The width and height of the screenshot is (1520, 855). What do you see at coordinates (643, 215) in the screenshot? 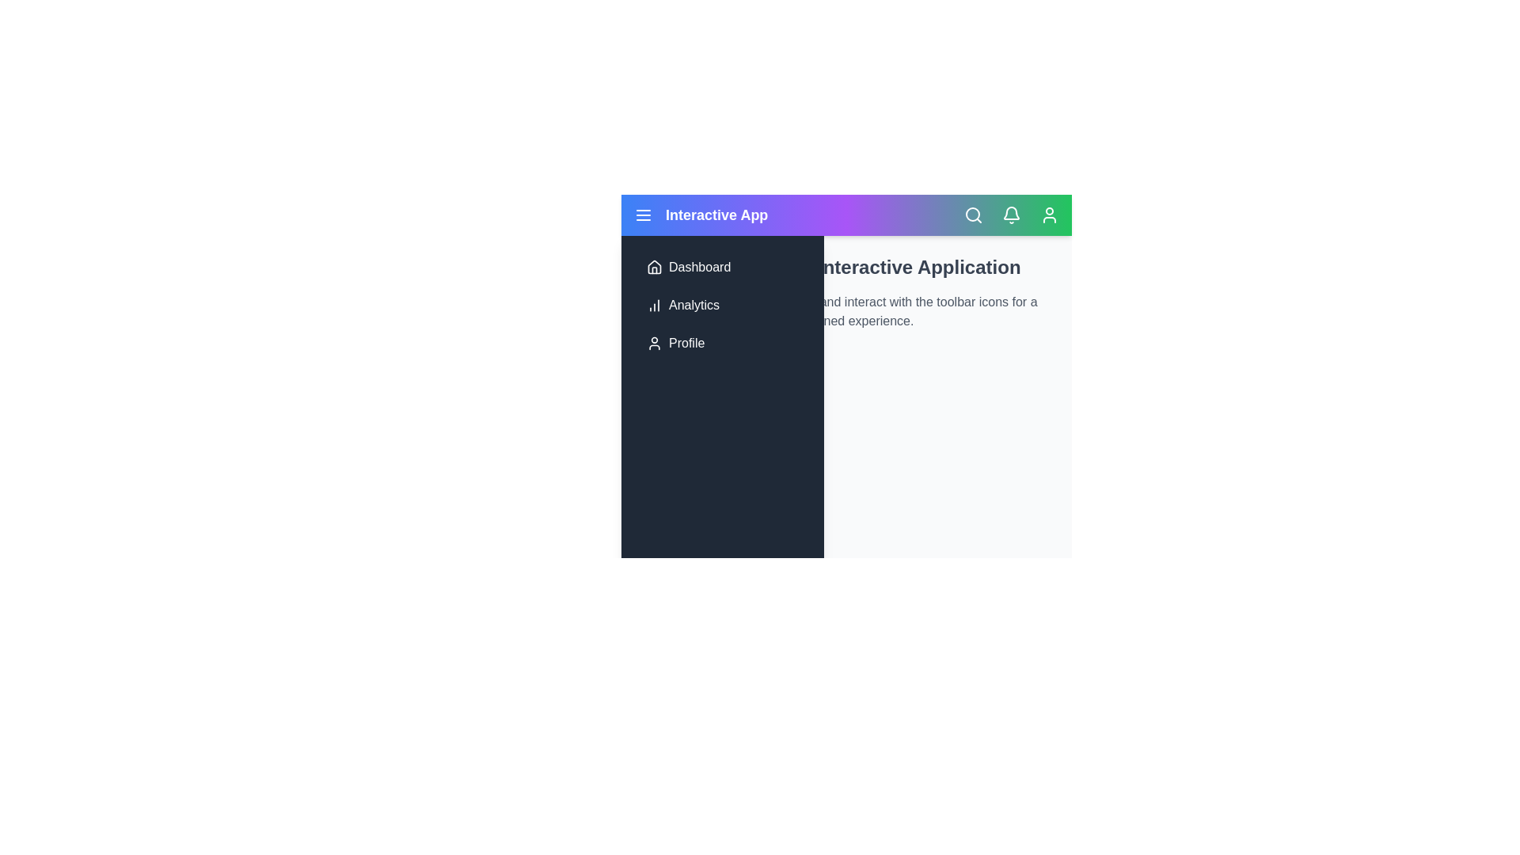
I see `the menu icon to toggle the side menu` at bounding box center [643, 215].